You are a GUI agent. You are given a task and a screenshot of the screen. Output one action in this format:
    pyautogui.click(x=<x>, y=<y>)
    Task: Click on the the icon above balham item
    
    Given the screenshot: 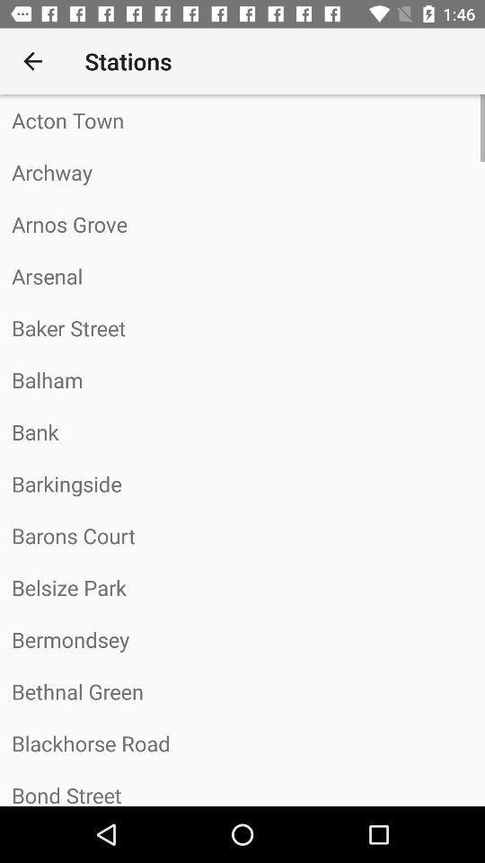 What is the action you would take?
    pyautogui.click(x=242, y=327)
    